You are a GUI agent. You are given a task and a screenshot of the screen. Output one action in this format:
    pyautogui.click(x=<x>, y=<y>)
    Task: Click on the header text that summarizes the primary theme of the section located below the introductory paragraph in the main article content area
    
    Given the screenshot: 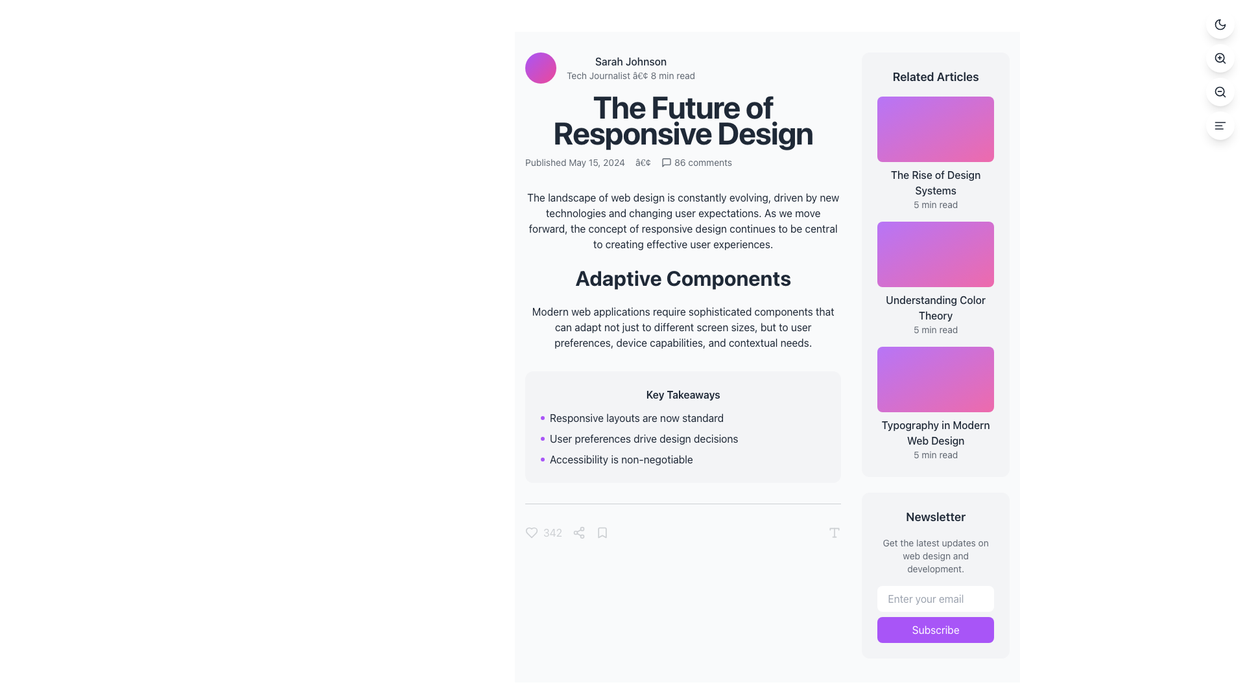 What is the action you would take?
    pyautogui.click(x=682, y=277)
    